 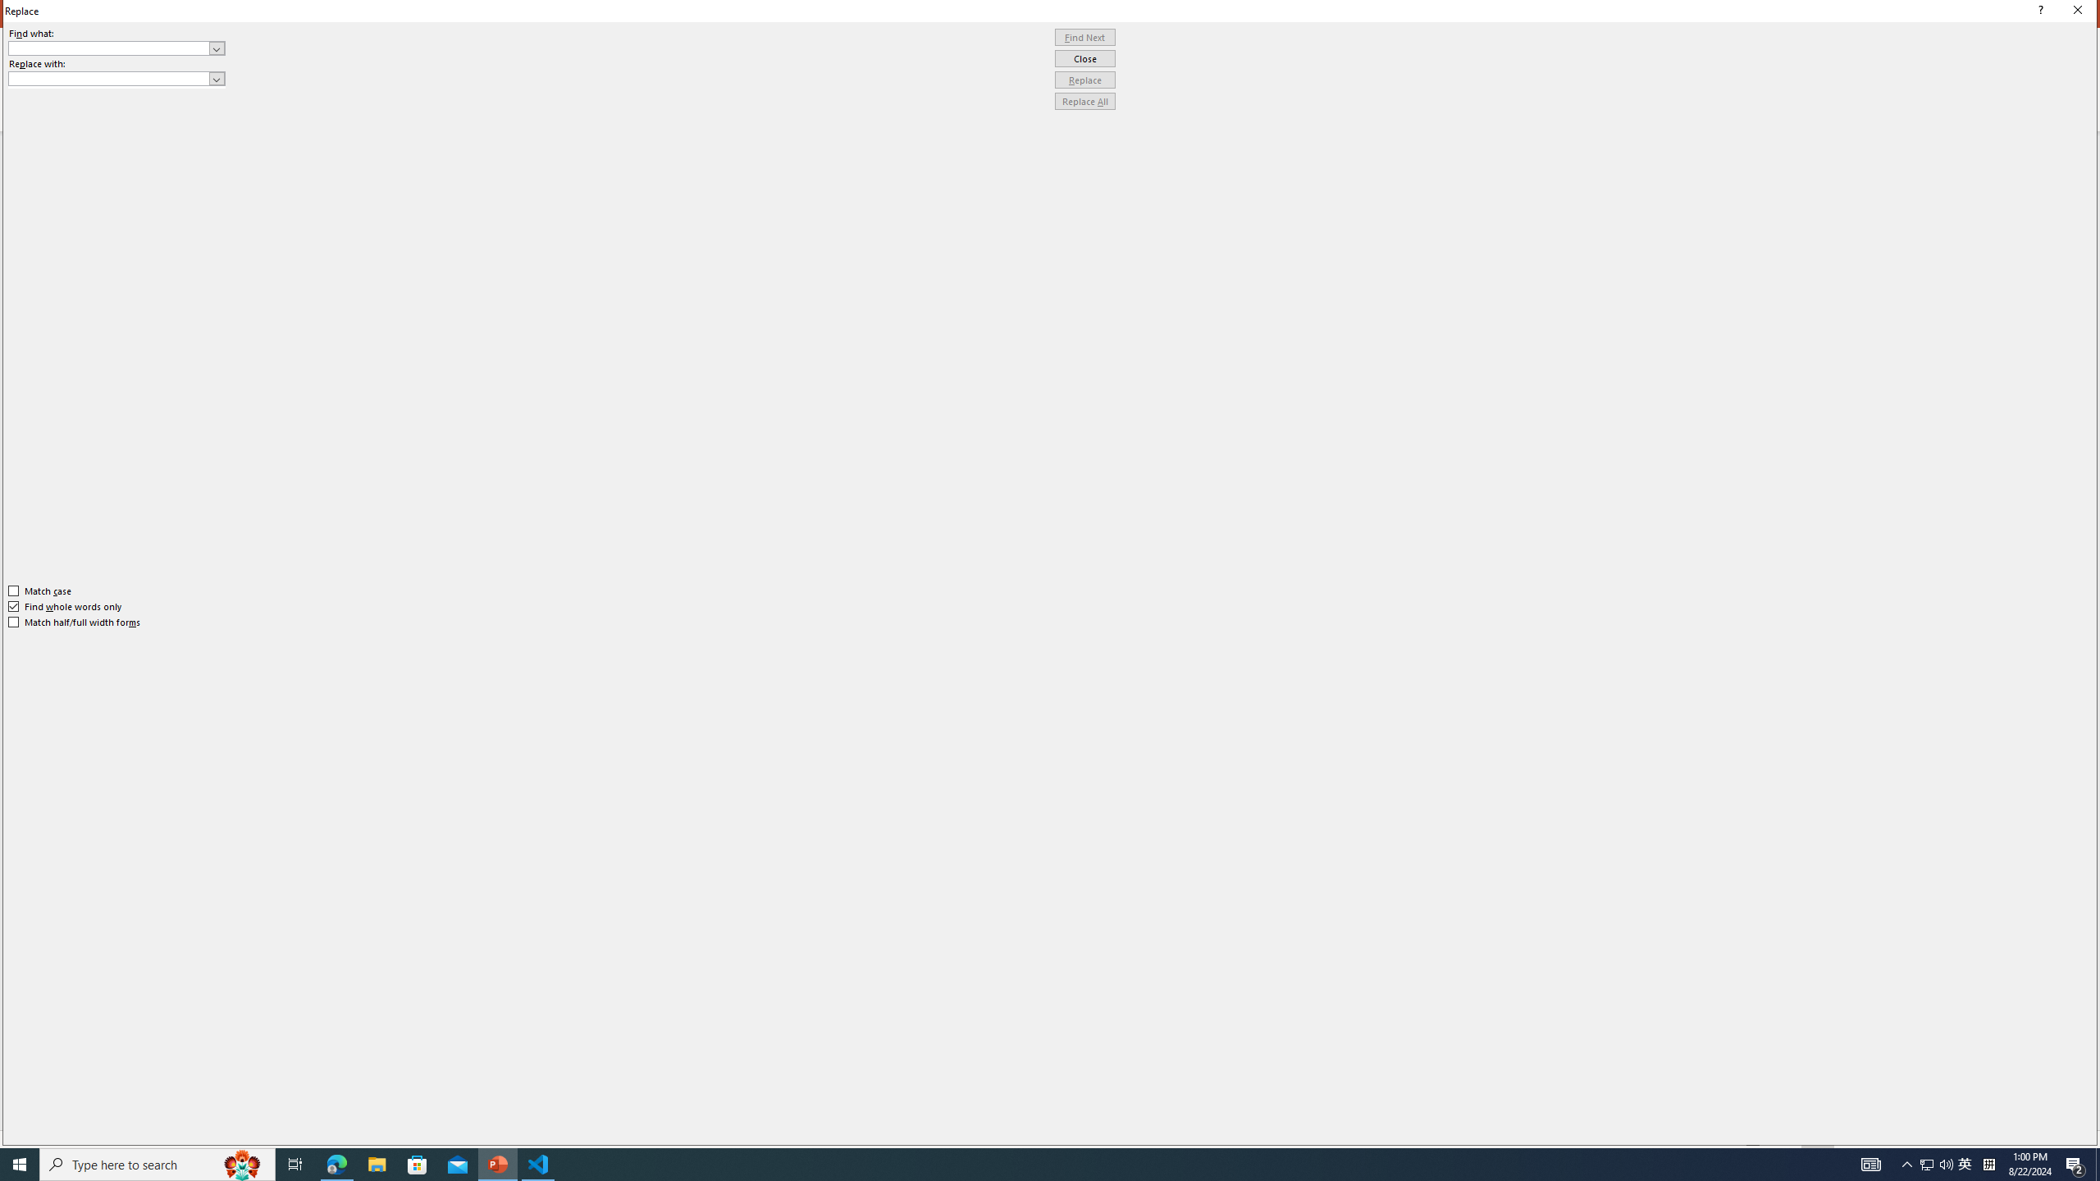 What do you see at coordinates (1084, 79) in the screenshot?
I see `'Replace'` at bounding box center [1084, 79].